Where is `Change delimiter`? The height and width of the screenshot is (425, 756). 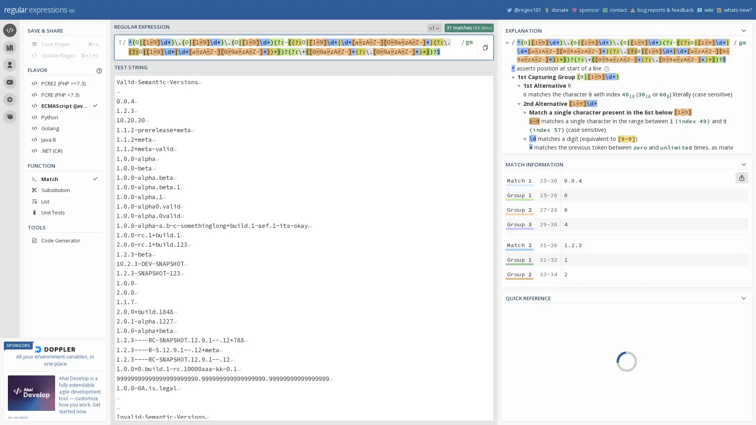
Change delimiter is located at coordinates (120, 47).